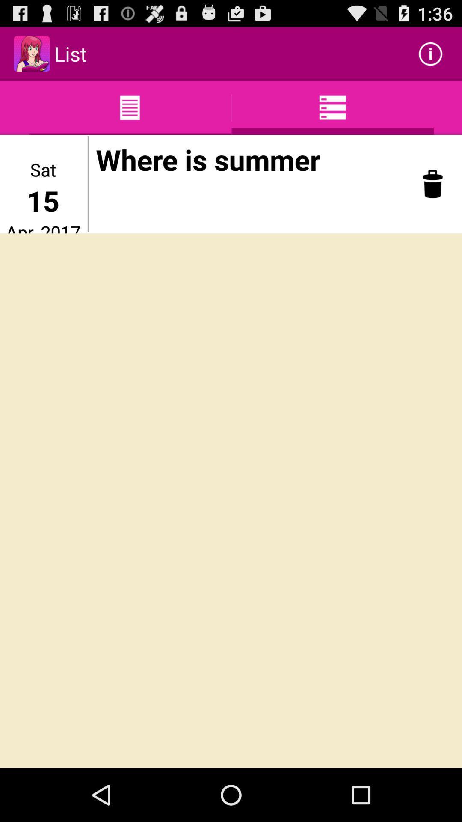 This screenshot has height=822, width=462. What do you see at coordinates (88, 184) in the screenshot?
I see `item next to the apr, 2017 icon` at bounding box center [88, 184].